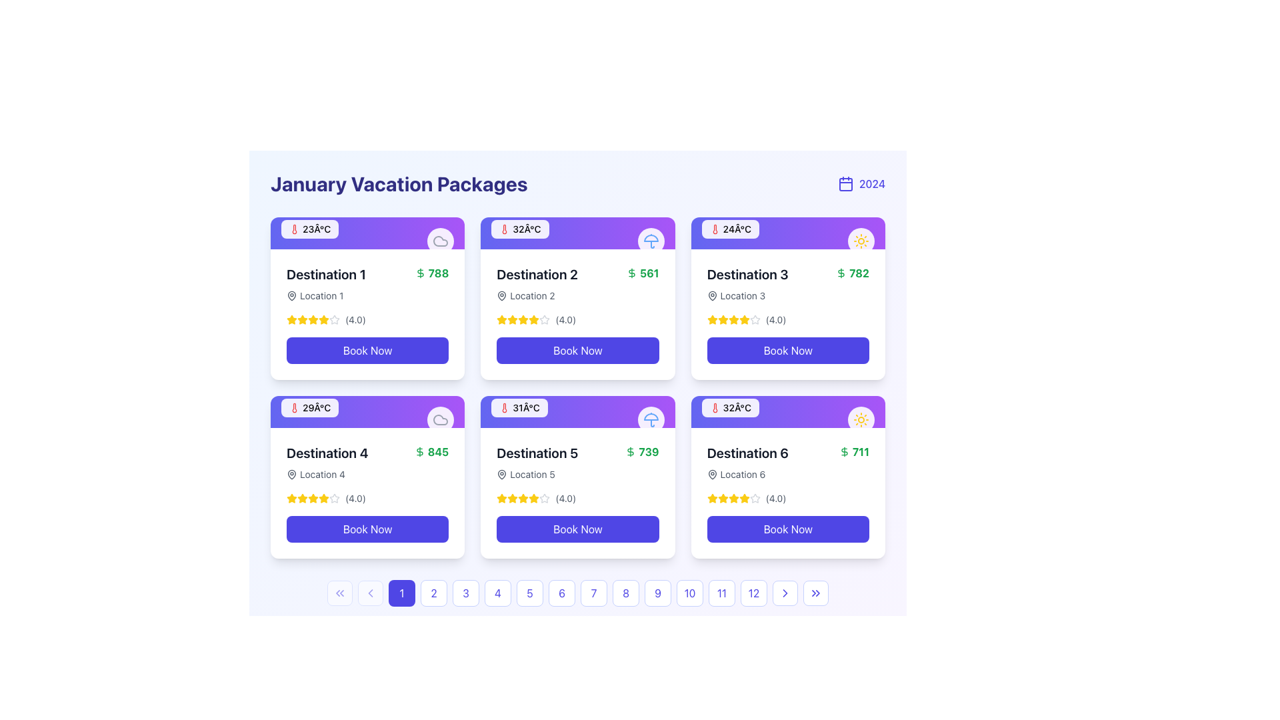  Describe the element at coordinates (438, 451) in the screenshot. I see `the price indicator text label for 'Destination 4', which is located below the temperature and icon section and above the 'Book Now' button` at that location.